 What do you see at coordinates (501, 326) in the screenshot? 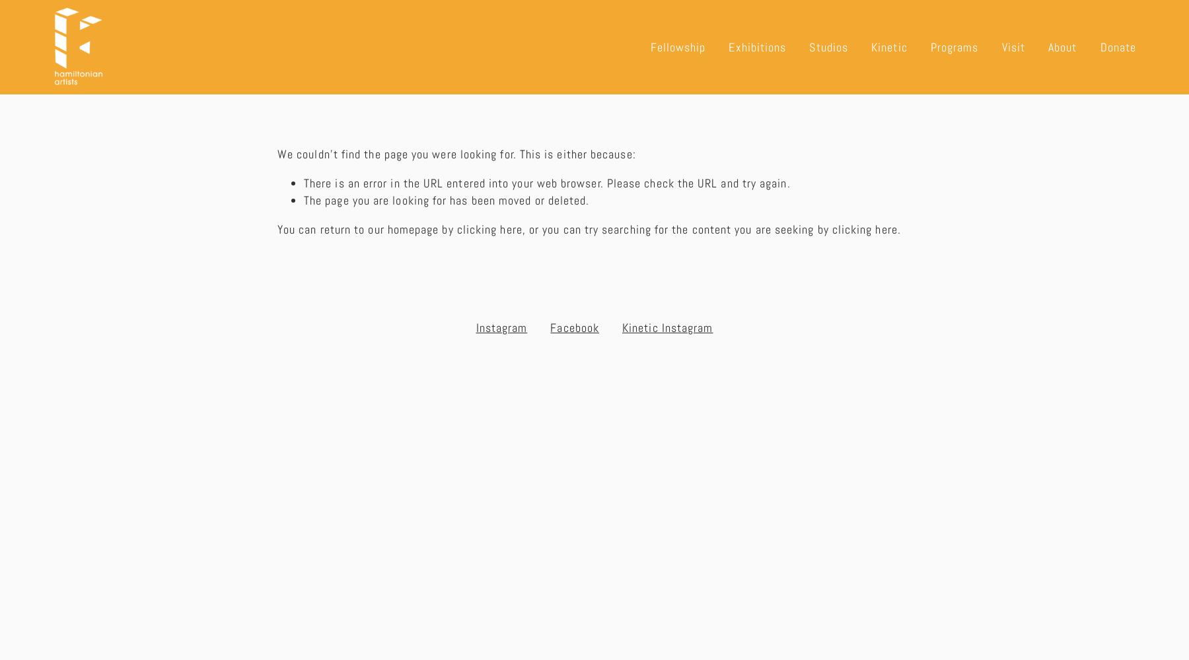
I see `'Instagram'` at bounding box center [501, 326].